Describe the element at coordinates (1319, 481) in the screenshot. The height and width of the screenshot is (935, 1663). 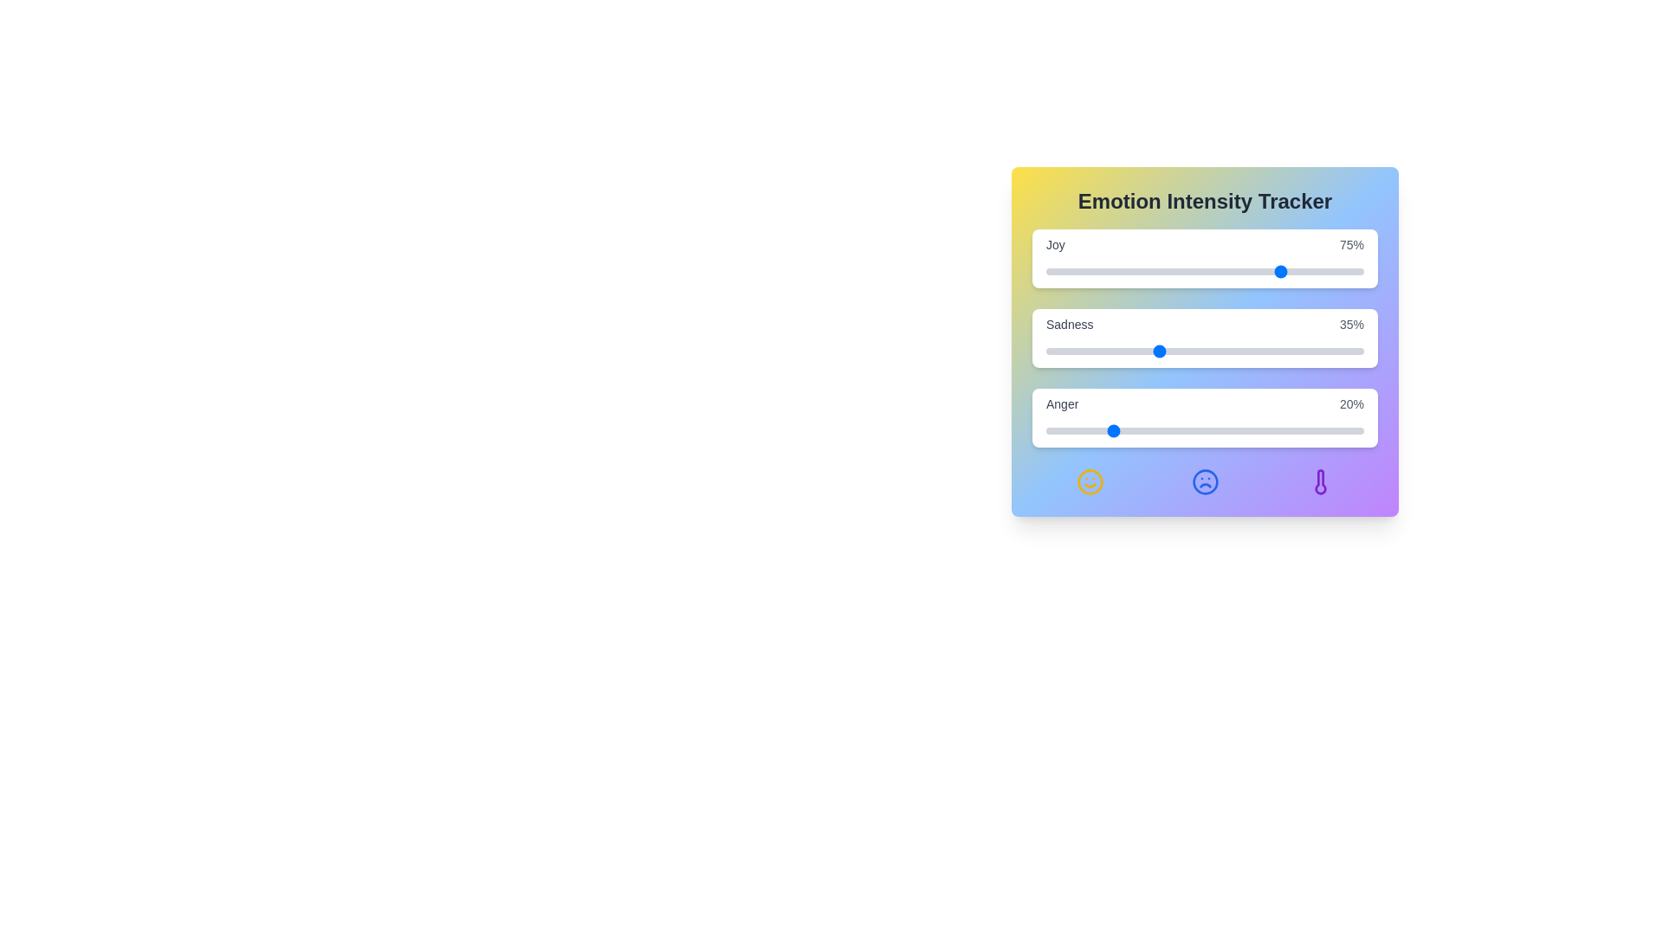
I see `the thermometer icon to interact with it` at that location.